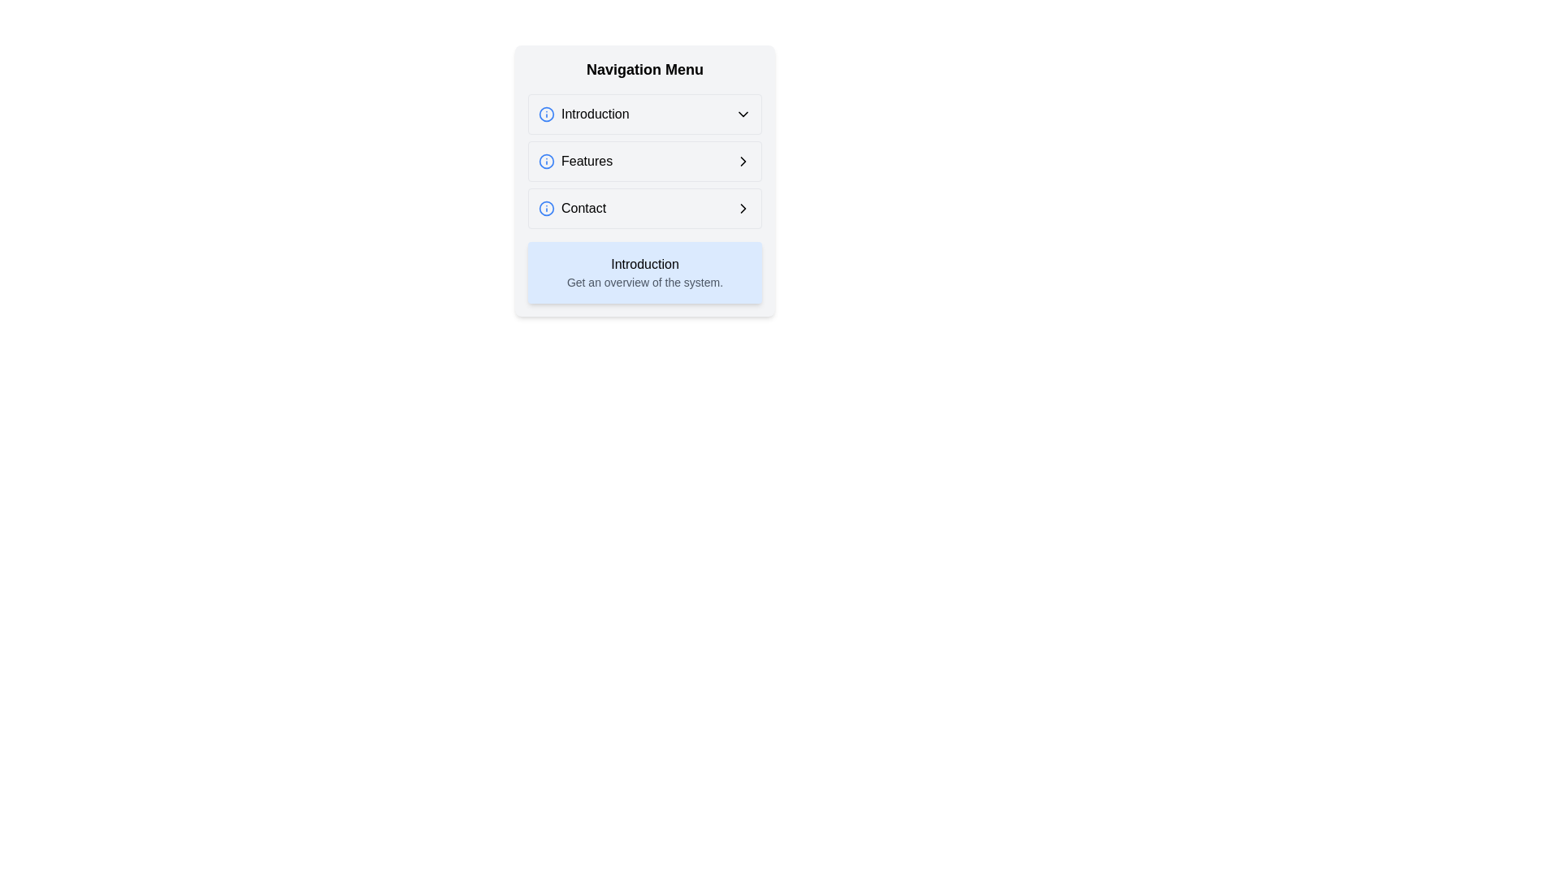  I want to click on the SVG circular icon positioned to the left of the 'Features' menu item text, so click(546, 162).